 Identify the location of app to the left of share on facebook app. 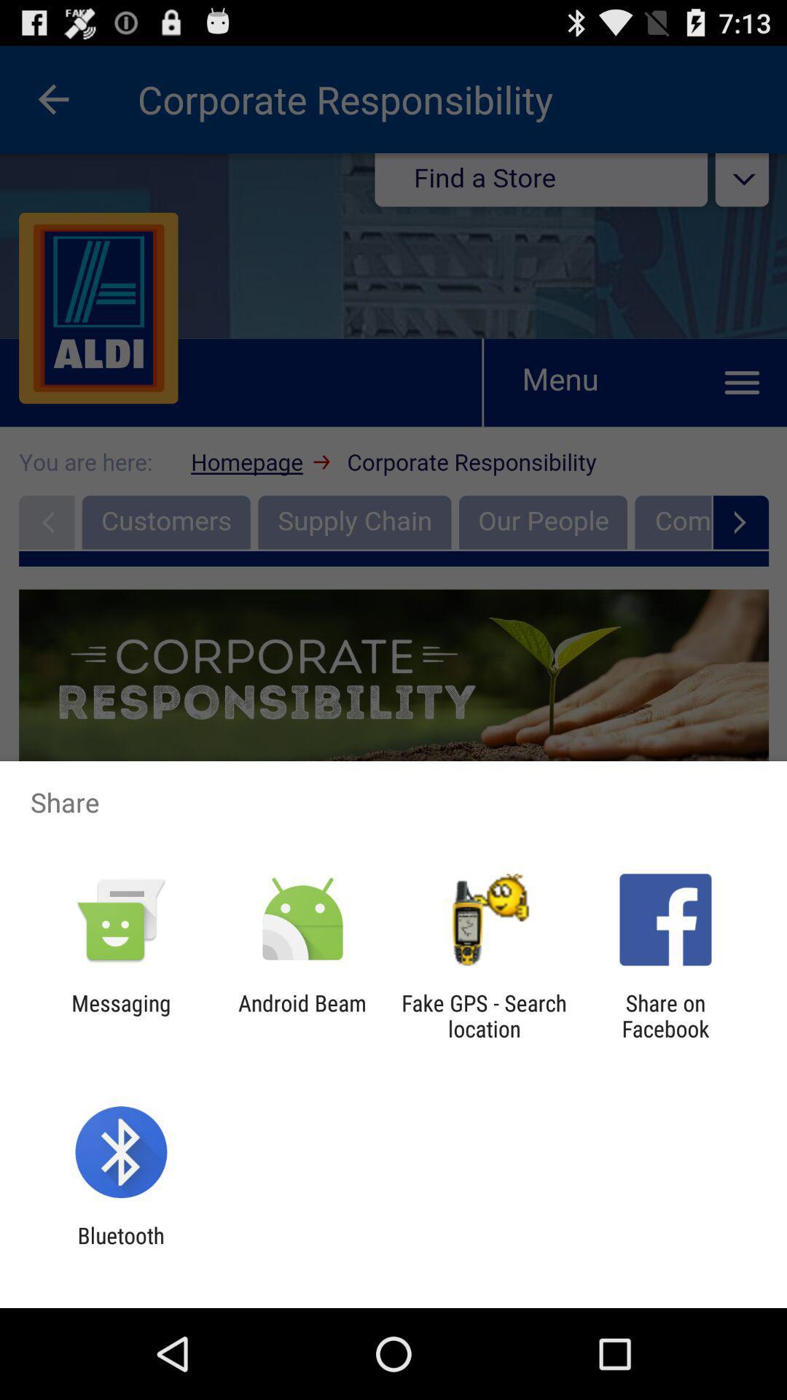
(484, 1015).